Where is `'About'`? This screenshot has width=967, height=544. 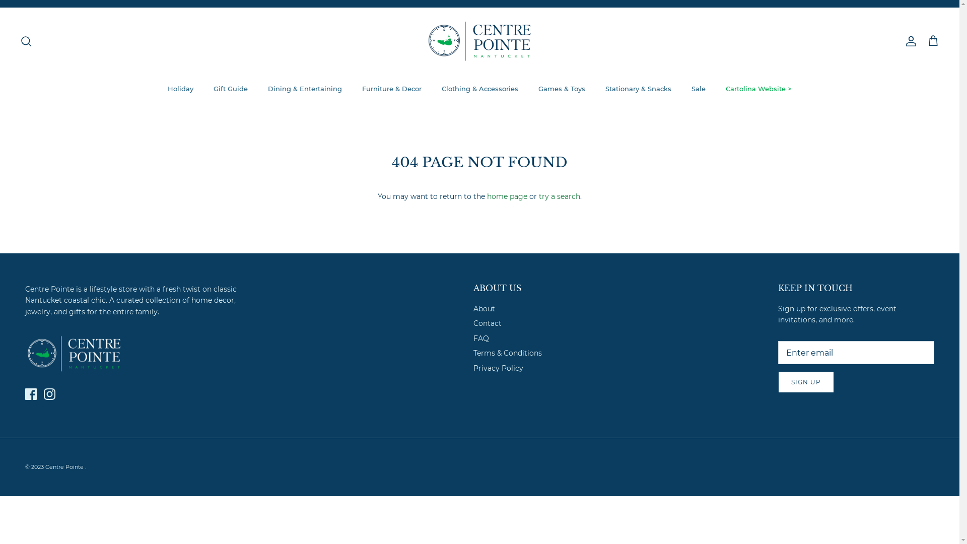 'About' is located at coordinates (484, 308).